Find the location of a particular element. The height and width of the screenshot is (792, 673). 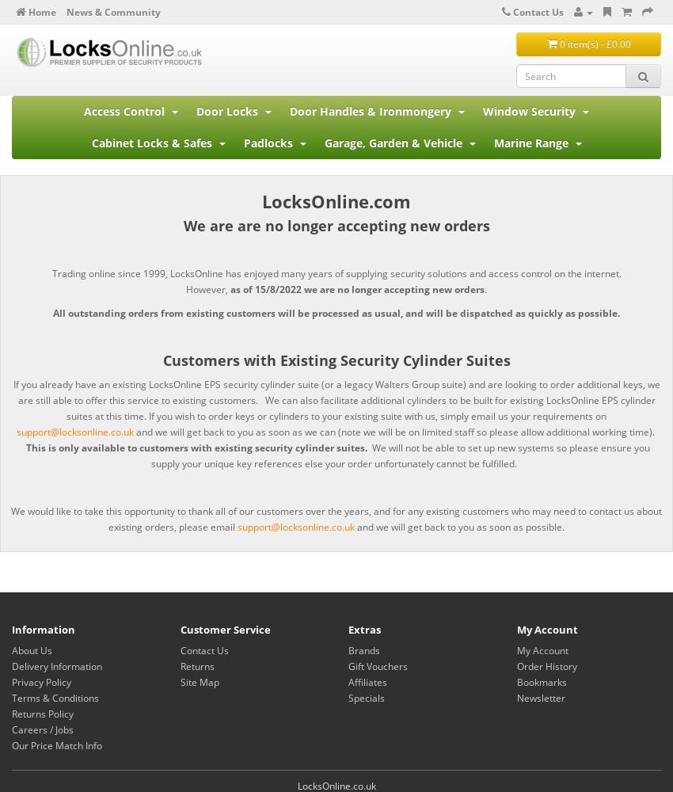

'Brands' is located at coordinates (347, 649).